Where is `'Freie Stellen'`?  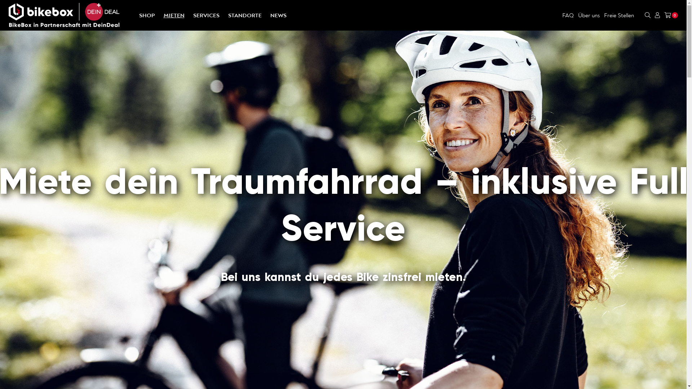 'Freie Stellen' is located at coordinates (604, 15).